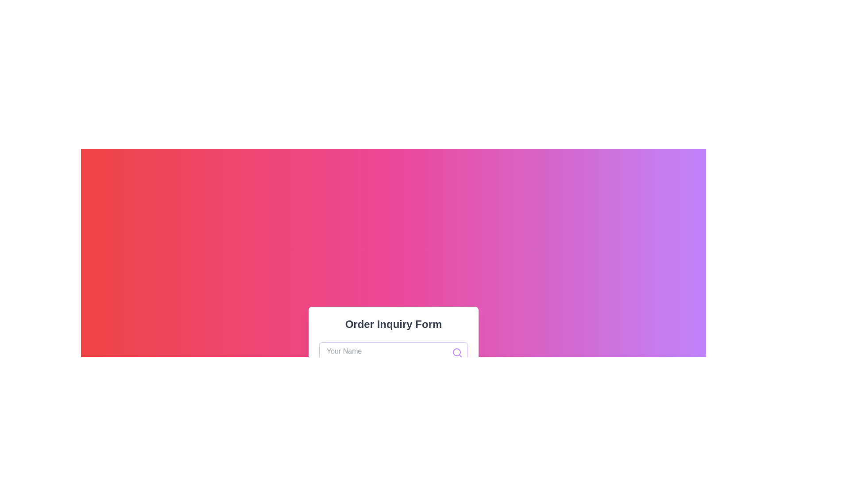 This screenshot has width=850, height=478. I want to click on the visual function of the circular vector graphic element within the search icon located to the right of the 'Your Name' text input field in the 'Order Inquiry Form', so click(457, 351).